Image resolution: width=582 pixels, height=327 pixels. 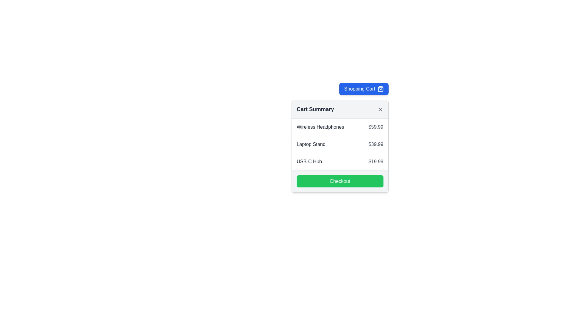 I want to click on the shopping bag icon within the 'Shopping Cart' button located in the top-right corner of the cart summary dialog, so click(x=380, y=89).